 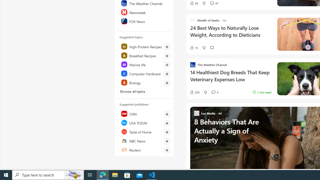 What do you see at coordinates (213, 92) in the screenshot?
I see `'View comments 4 Comment'` at bounding box center [213, 92].